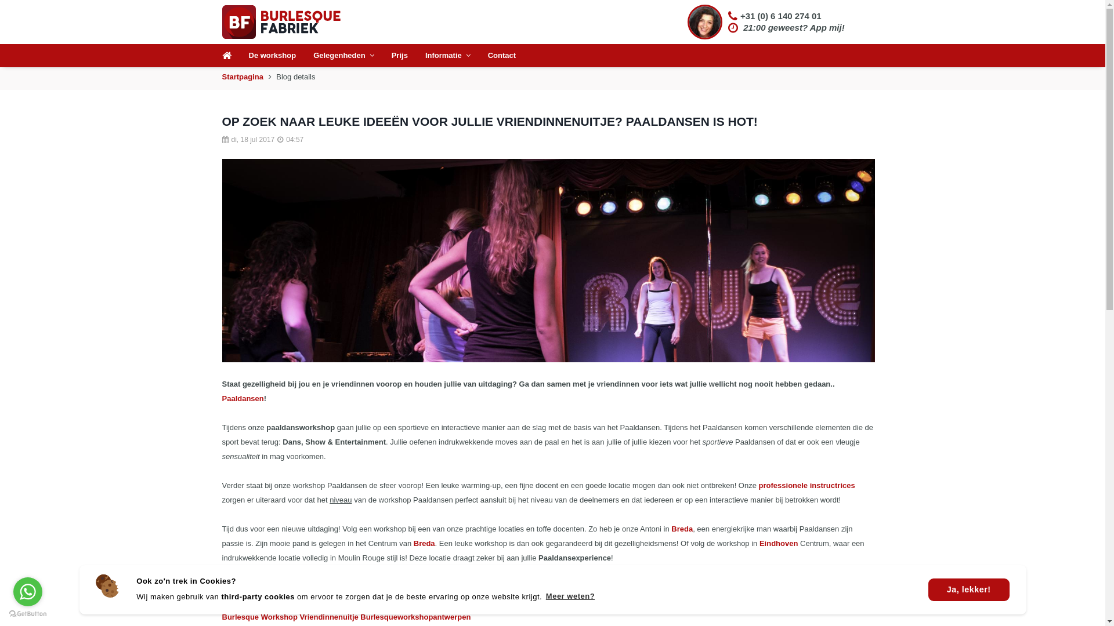 The image size is (1114, 626). Describe the element at coordinates (779, 543) in the screenshot. I see `'Eindhoven'` at that location.